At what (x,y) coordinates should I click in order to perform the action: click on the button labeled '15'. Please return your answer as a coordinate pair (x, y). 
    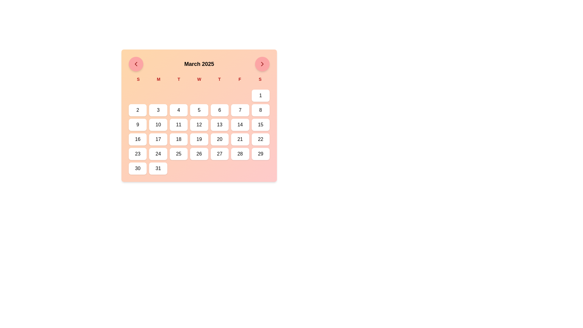
    Looking at the image, I should click on (261, 125).